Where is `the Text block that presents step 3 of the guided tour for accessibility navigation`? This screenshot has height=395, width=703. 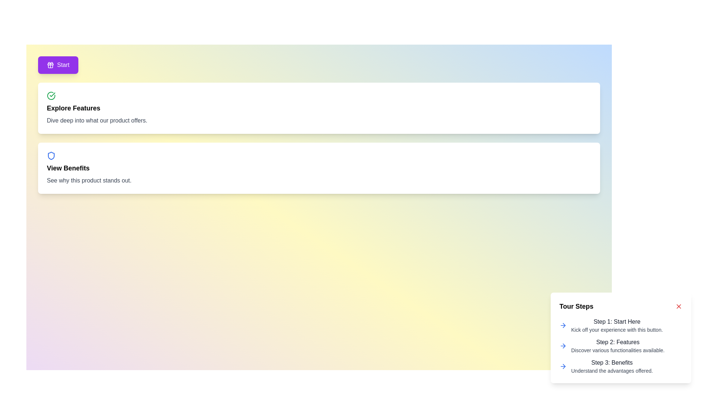 the Text block that presents step 3 of the guided tour for accessibility navigation is located at coordinates (612, 366).